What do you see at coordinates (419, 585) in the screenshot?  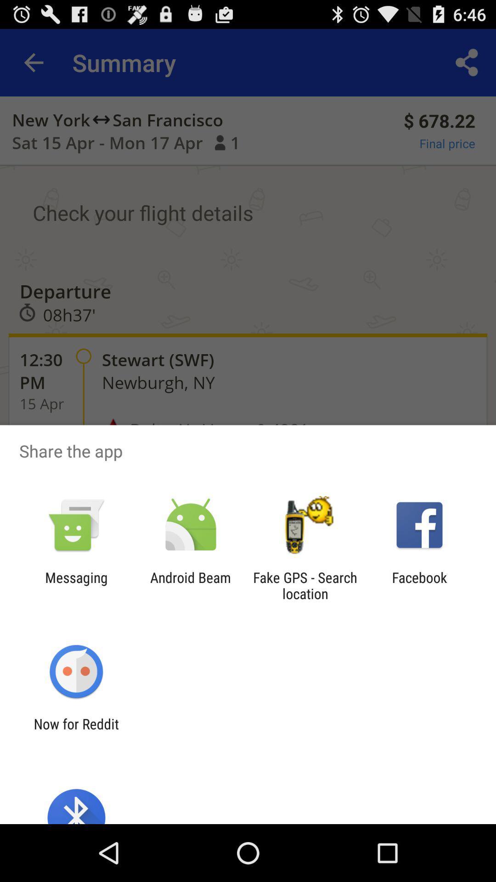 I see `the facebook item` at bounding box center [419, 585].